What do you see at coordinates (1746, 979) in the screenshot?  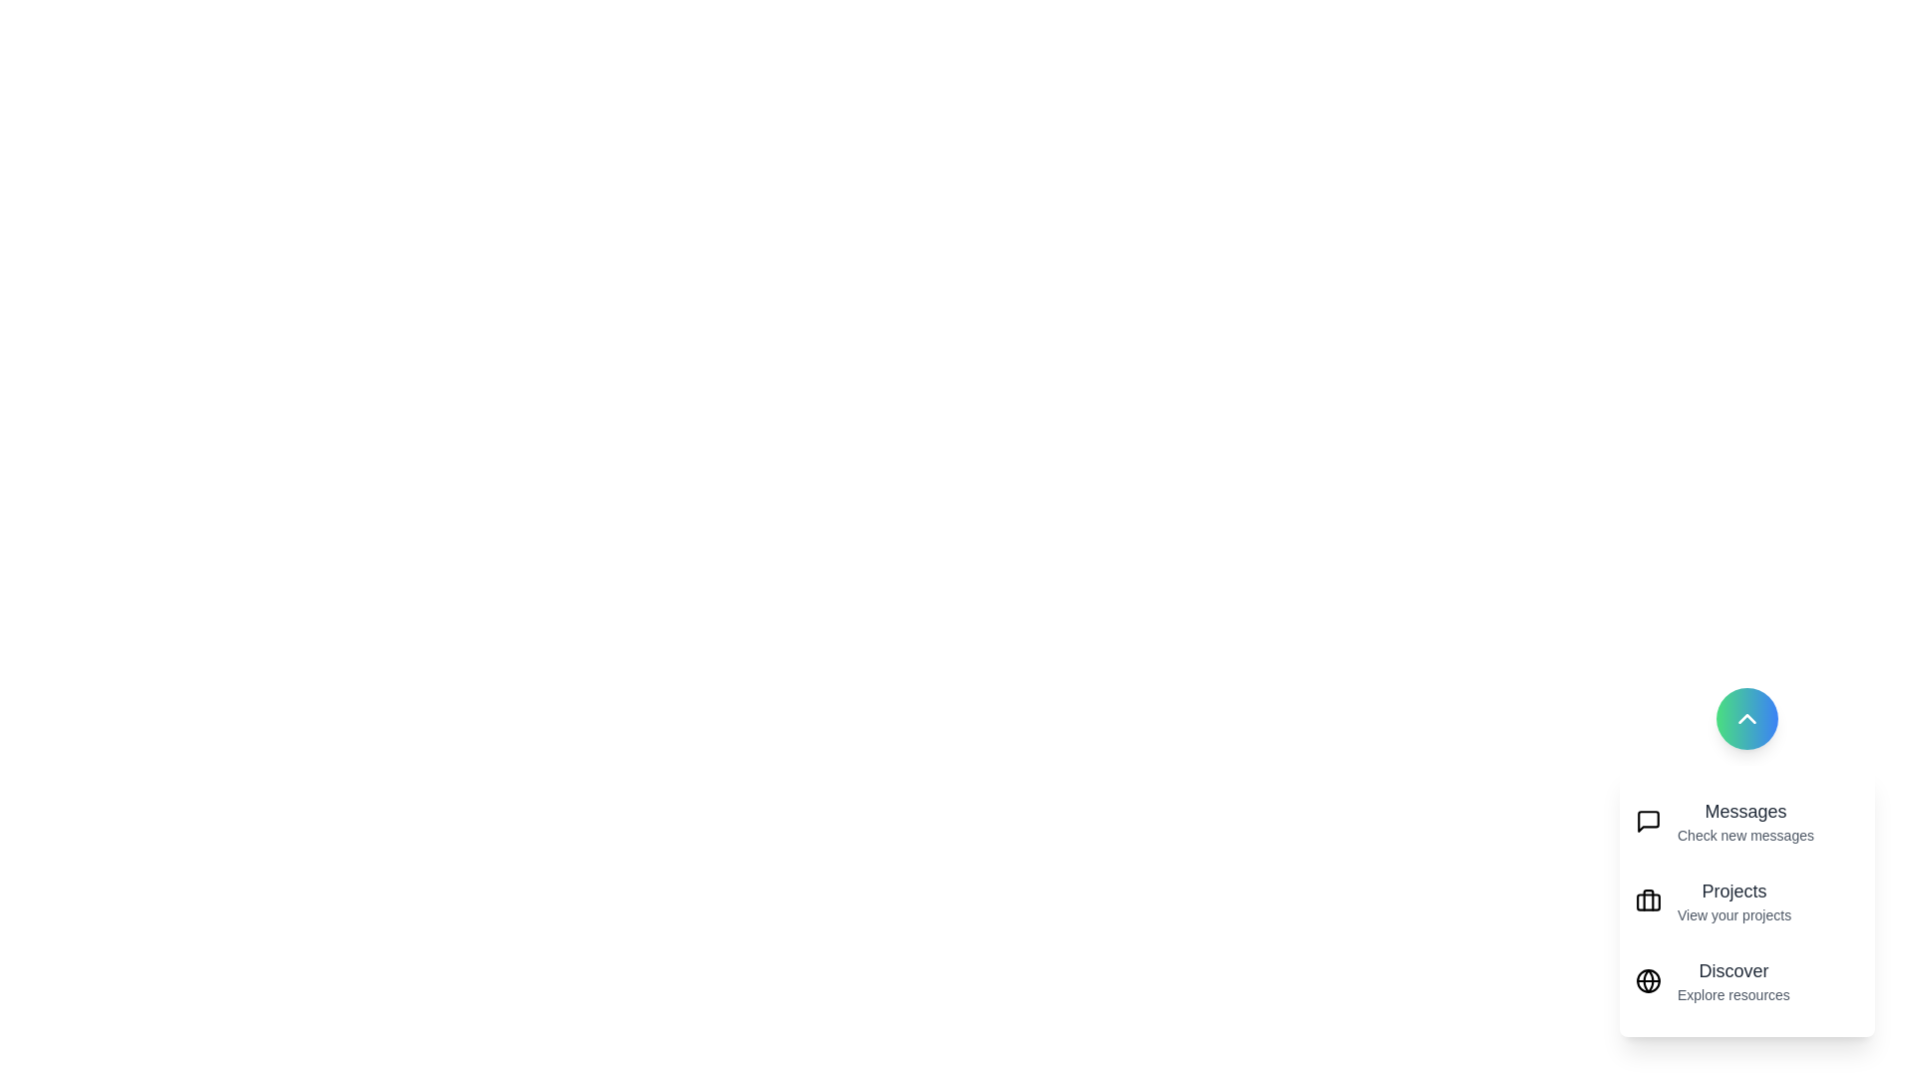 I see `the 'Discover' item to perform its action` at bounding box center [1746, 979].